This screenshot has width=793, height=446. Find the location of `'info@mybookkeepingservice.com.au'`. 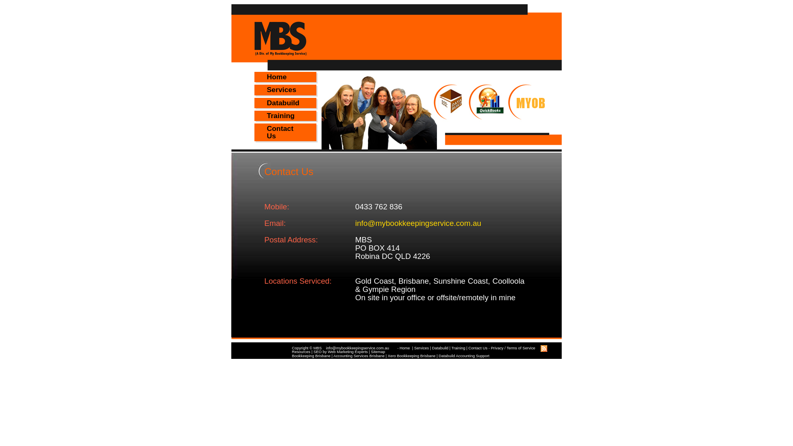

'info@mybookkeepingservice.com.au' is located at coordinates (418, 223).